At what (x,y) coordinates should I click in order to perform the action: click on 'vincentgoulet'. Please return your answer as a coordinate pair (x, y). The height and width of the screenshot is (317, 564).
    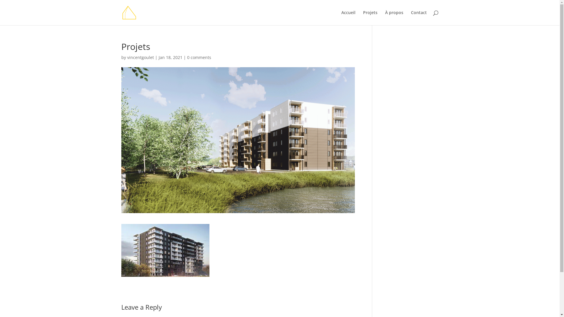
    Looking at the image, I should click on (140, 57).